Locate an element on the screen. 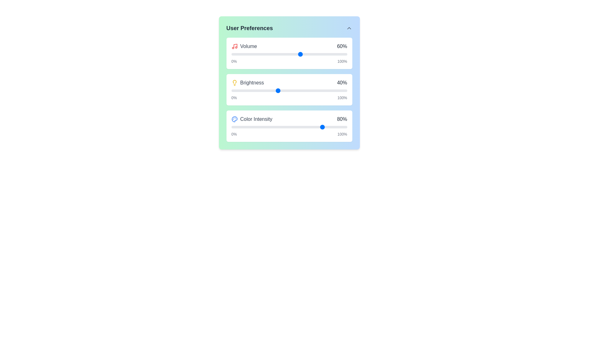  the text label indicating the minimum (0%) and maximum (100%) values for the brightness slider, located in the 'Brightness' section of the interface is located at coordinates (289, 98).